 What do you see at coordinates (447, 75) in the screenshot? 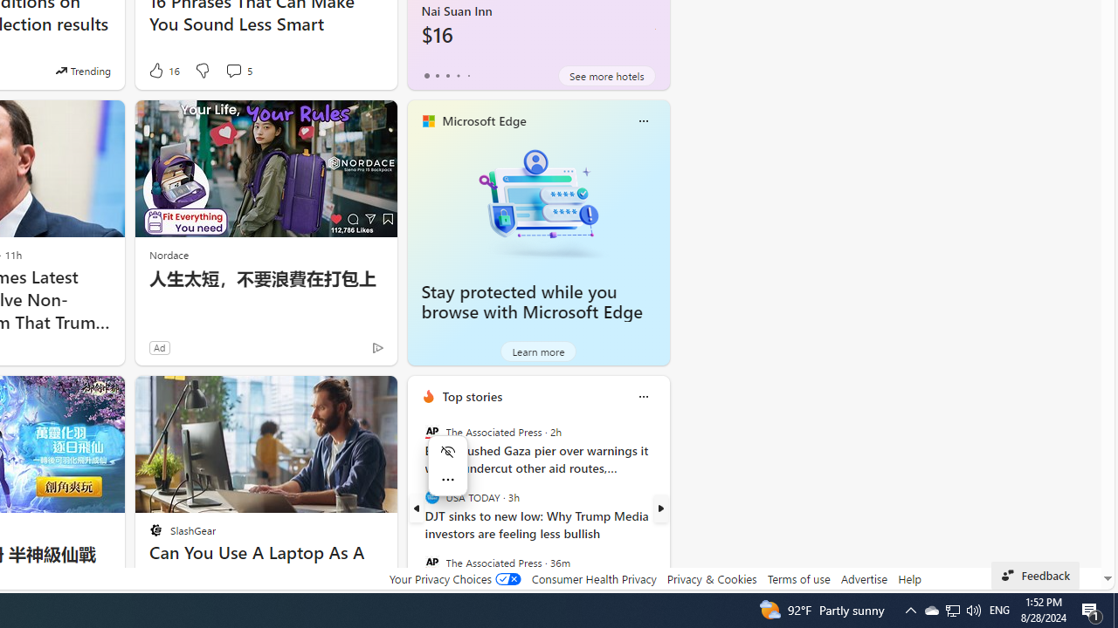
I see `'tab-2'` at bounding box center [447, 75].